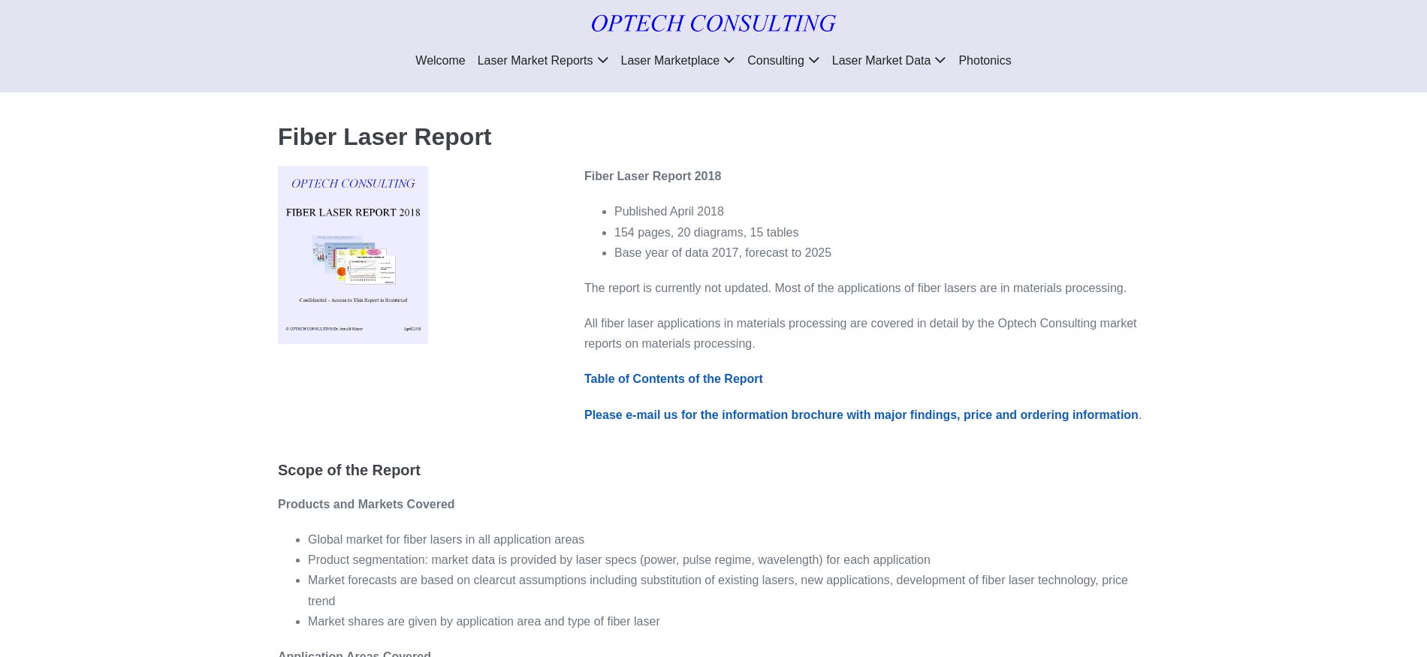  Describe the element at coordinates (668, 210) in the screenshot. I see `'Published April 2018'` at that location.